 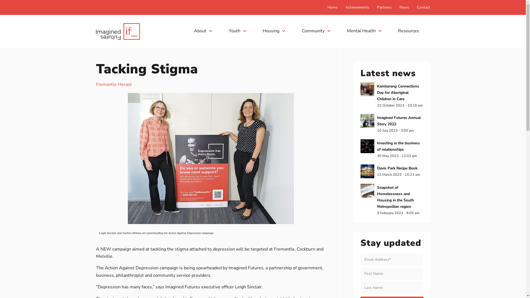 I want to click on 'Fremantle Herald', so click(x=96, y=84).